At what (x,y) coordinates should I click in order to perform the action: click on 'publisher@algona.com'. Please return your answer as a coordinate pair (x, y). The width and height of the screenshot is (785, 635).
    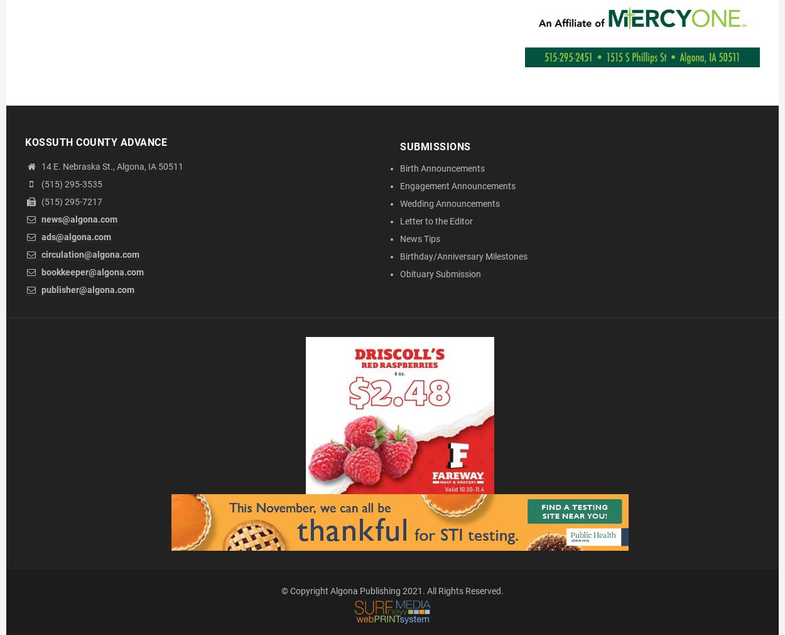
    Looking at the image, I should click on (39, 289).